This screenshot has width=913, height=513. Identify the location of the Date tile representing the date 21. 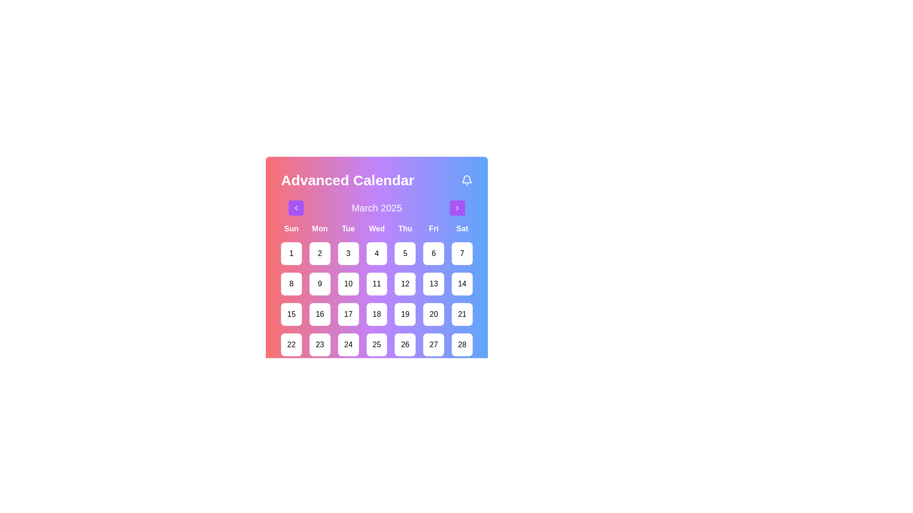
(462, 314).